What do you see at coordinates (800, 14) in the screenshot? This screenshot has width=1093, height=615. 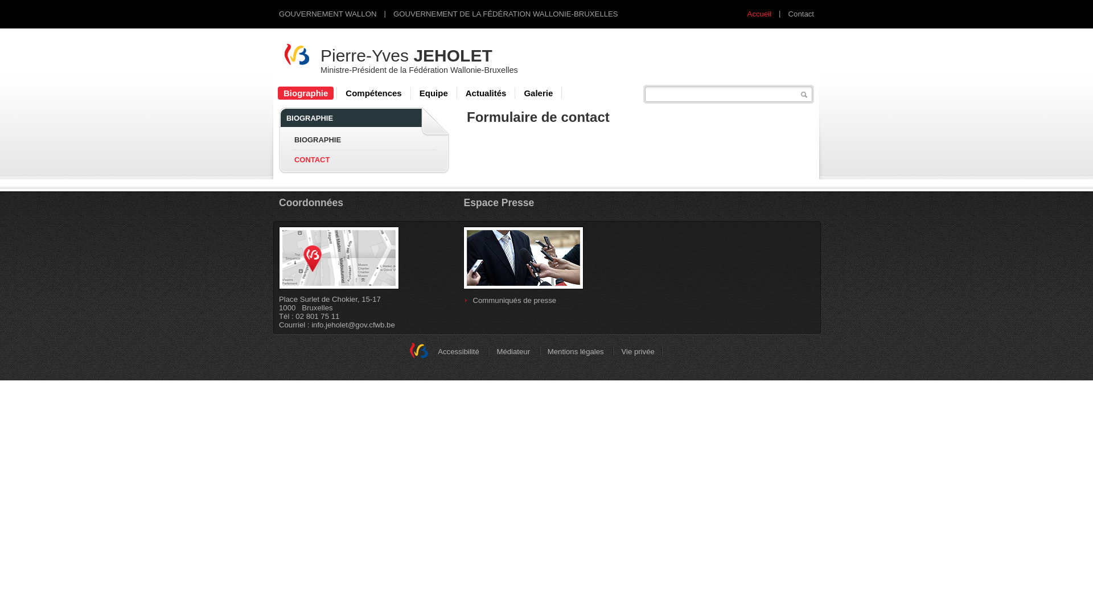 I see `'Contact'` at bounding box center [800, 14].